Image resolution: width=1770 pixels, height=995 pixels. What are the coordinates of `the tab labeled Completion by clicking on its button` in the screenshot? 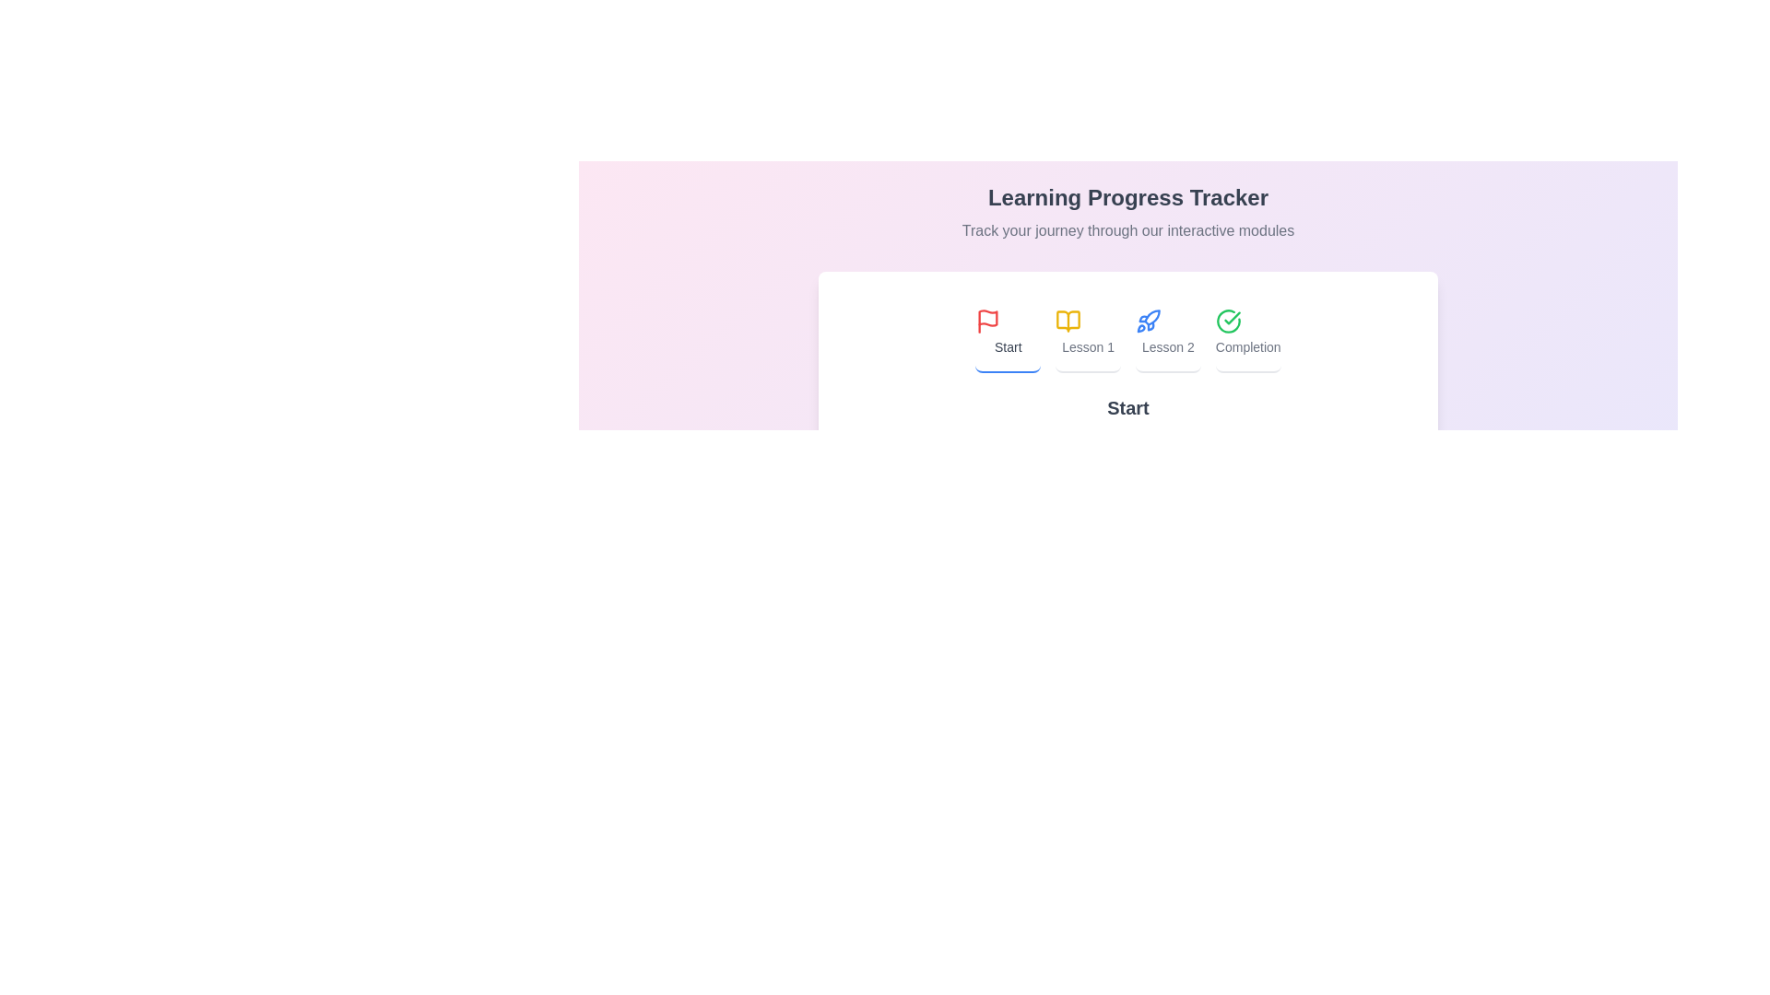 It's located at (1248, 334).